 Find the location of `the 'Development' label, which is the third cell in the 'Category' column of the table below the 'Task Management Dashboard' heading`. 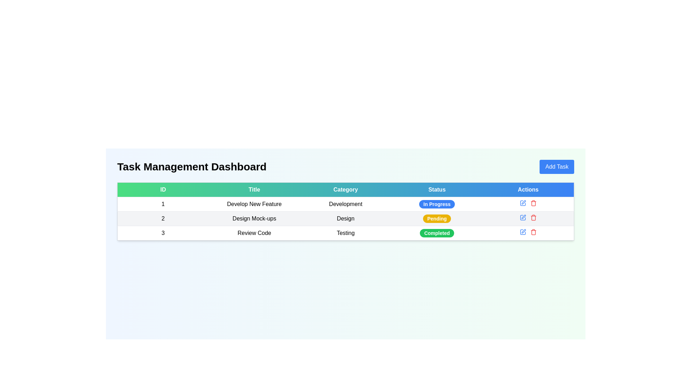

the 'Development' label, which is the third cell in the 'Category' column of the table below the 'Task Management Dashboard' heading is located at coordinates (346, 204).